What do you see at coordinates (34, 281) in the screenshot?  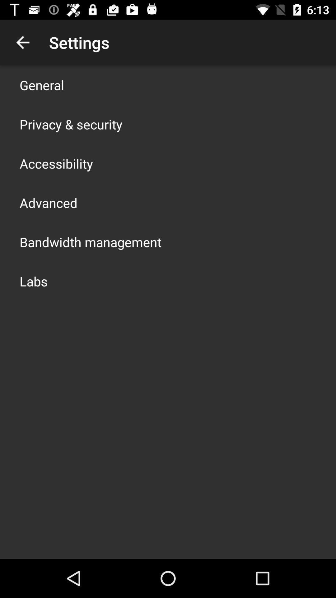 I see `app below the bandwidth management icon` at bounding box center [34, 281].